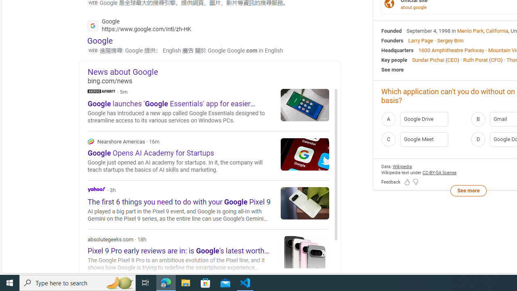 The height and width of the screenshot is (291, 517). What do you see at coordinates (96, 189) in the screenshot?
I see `'Yahoo'` at bounding box center [96, 189].